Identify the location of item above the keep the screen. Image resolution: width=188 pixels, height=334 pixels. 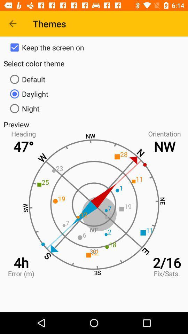
(13, 24).